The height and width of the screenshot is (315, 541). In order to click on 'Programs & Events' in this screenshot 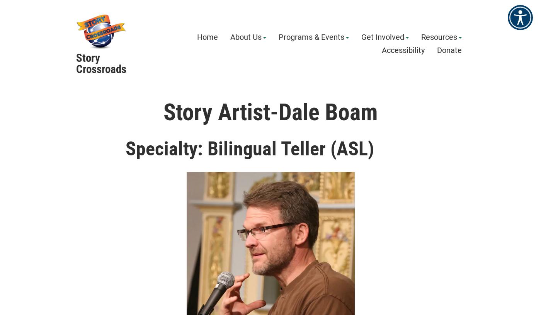, I will do `click(279, 37)`.